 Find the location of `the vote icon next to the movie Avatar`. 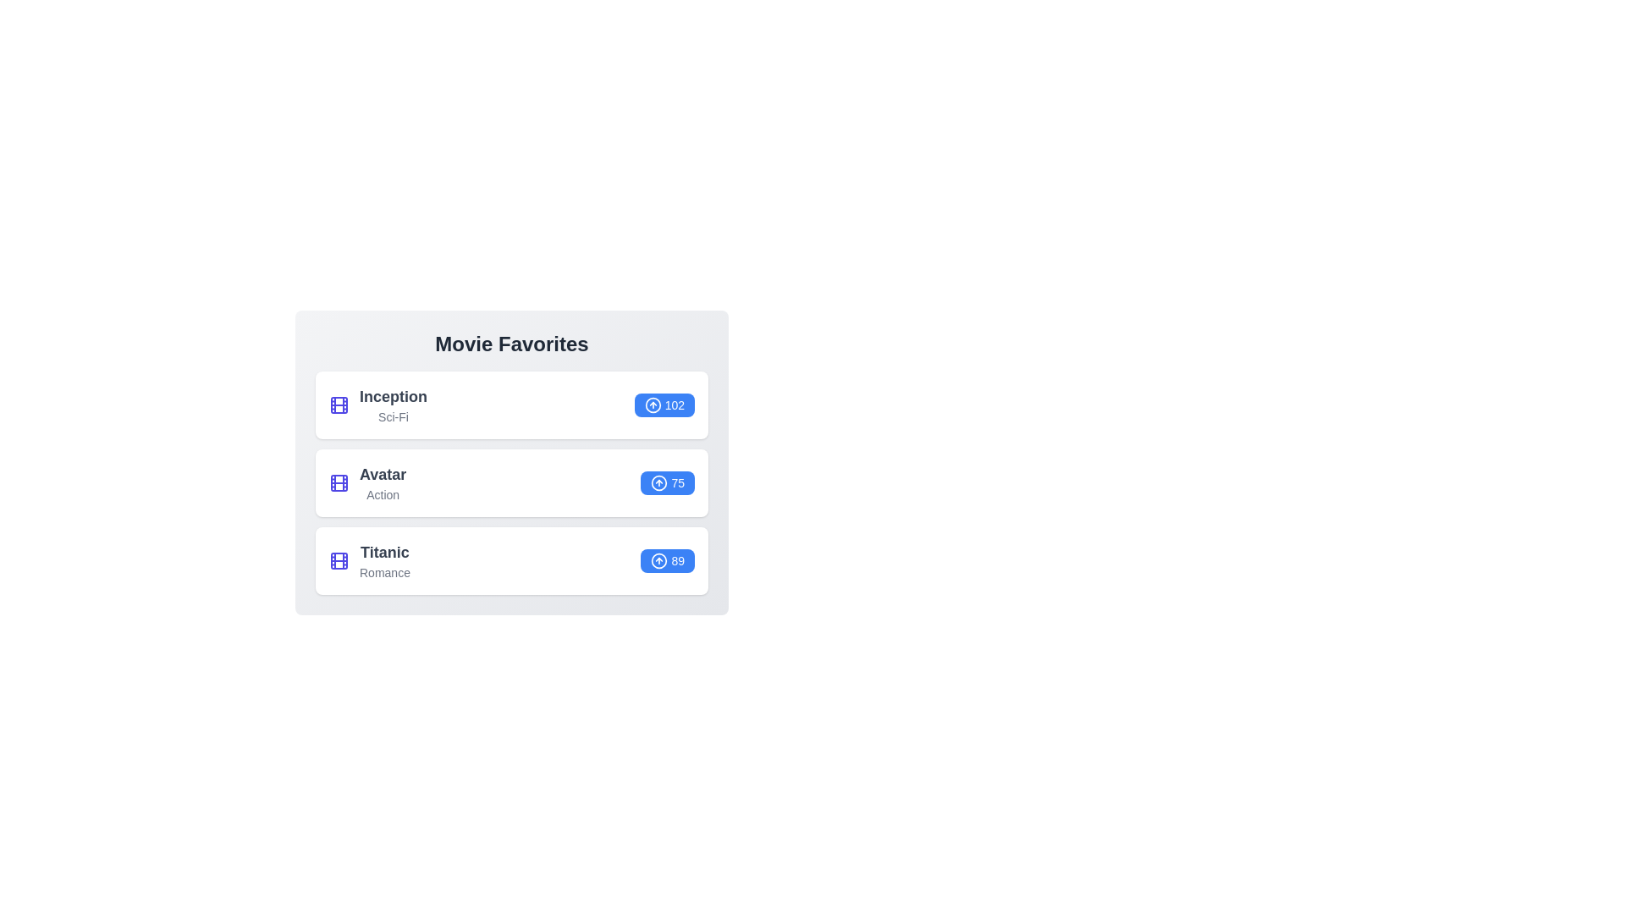

the vote icon next to the movie Avatar is located at coordinates (658, 482).